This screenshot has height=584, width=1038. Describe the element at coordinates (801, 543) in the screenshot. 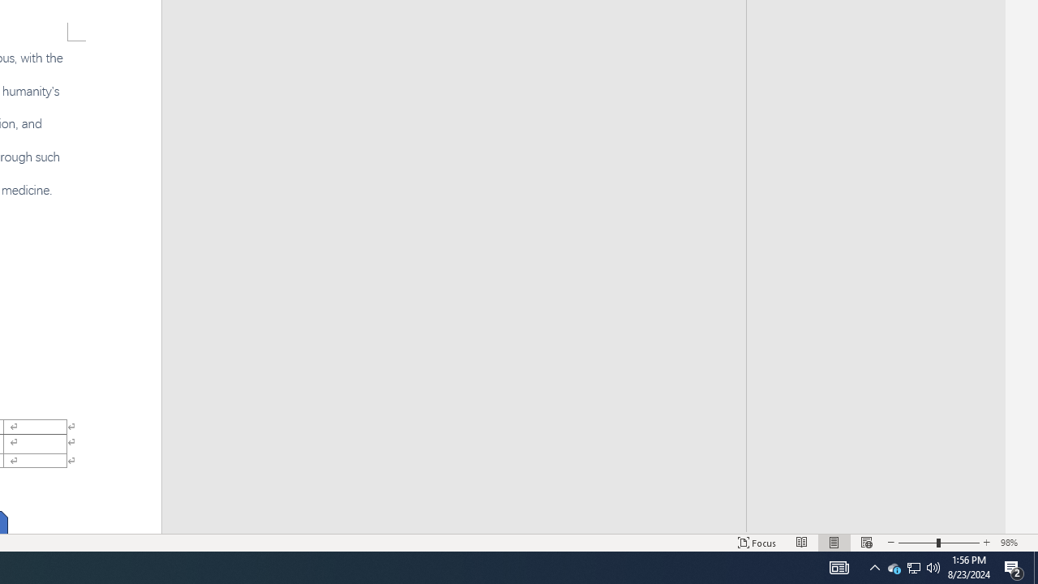

I see `'Read Mode'` at that location.